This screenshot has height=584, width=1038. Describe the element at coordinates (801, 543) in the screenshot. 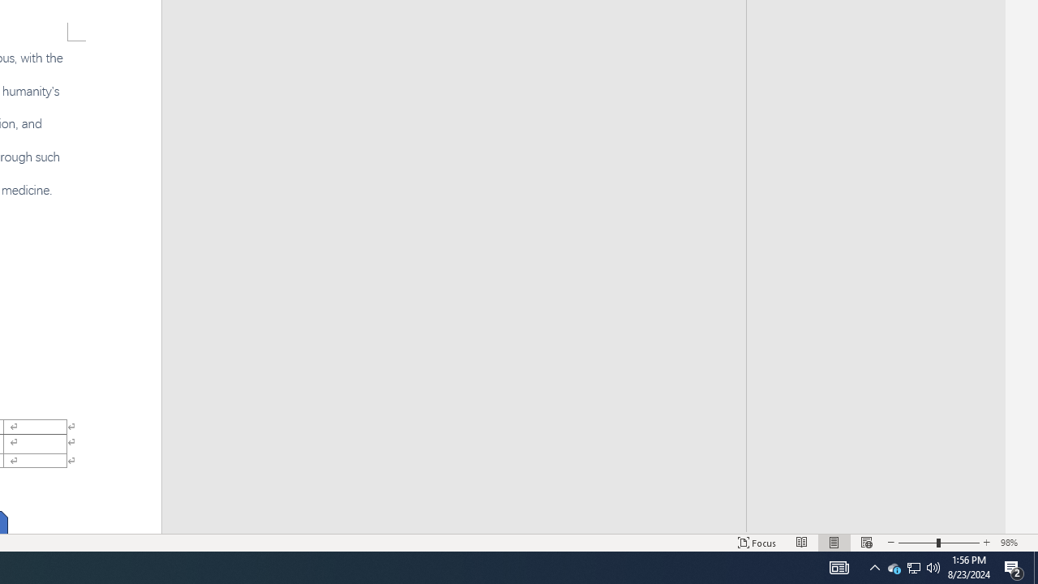

I see `'Read Mode'` at that location.